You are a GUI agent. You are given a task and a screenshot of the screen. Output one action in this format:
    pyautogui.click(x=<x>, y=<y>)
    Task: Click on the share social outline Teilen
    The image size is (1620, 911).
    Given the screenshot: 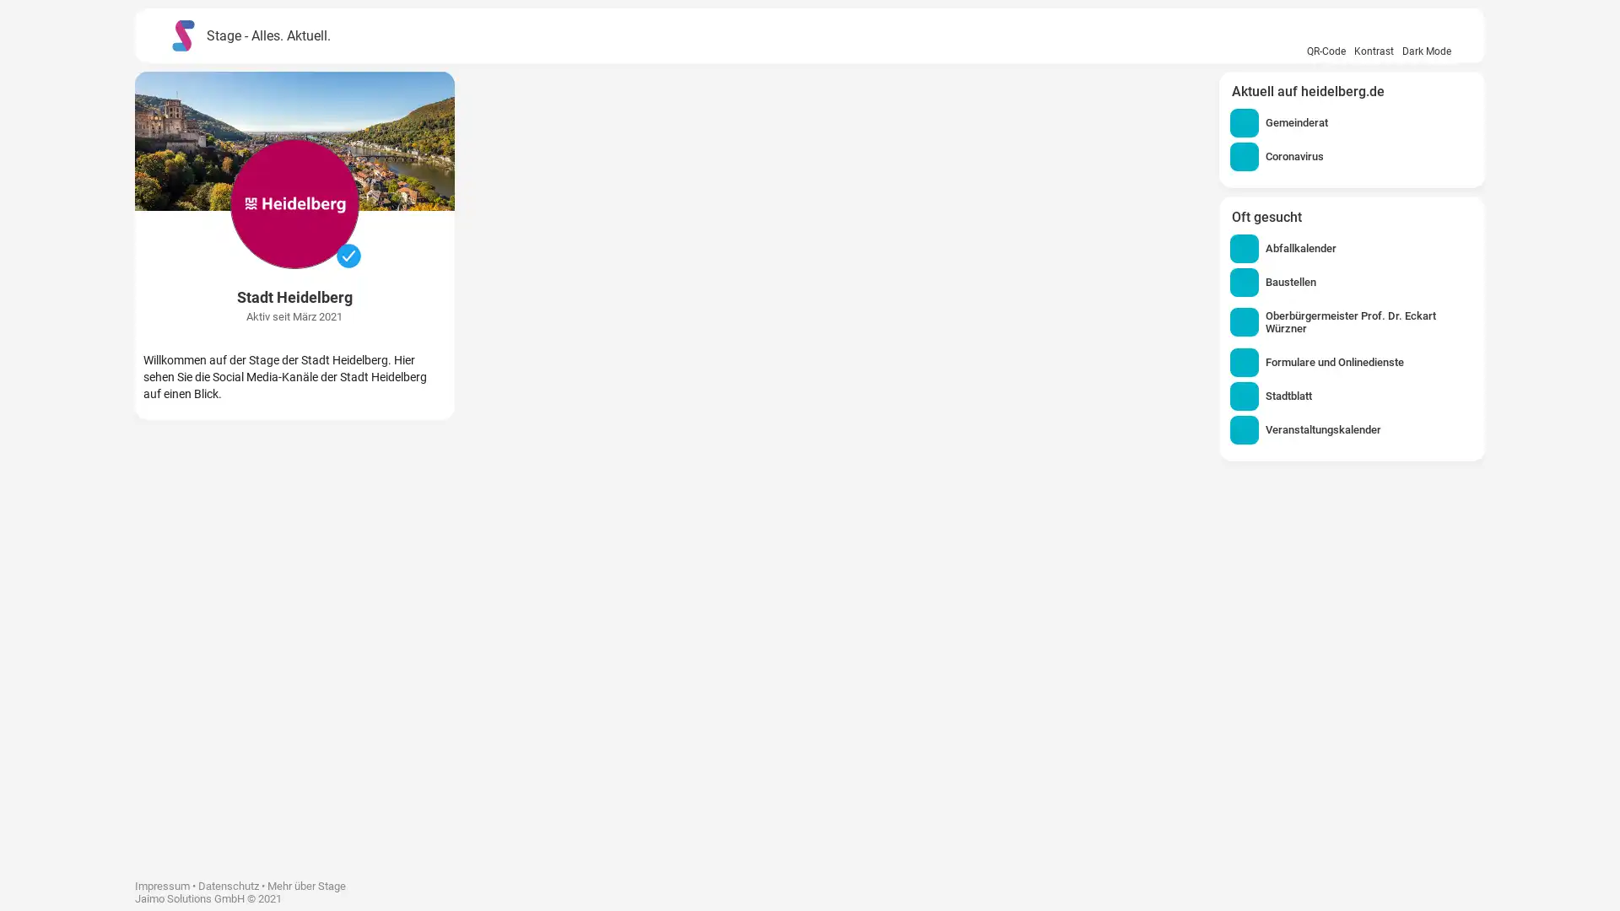 What is the action you would take?
    pyautogui.click(x=637, y=725)
    